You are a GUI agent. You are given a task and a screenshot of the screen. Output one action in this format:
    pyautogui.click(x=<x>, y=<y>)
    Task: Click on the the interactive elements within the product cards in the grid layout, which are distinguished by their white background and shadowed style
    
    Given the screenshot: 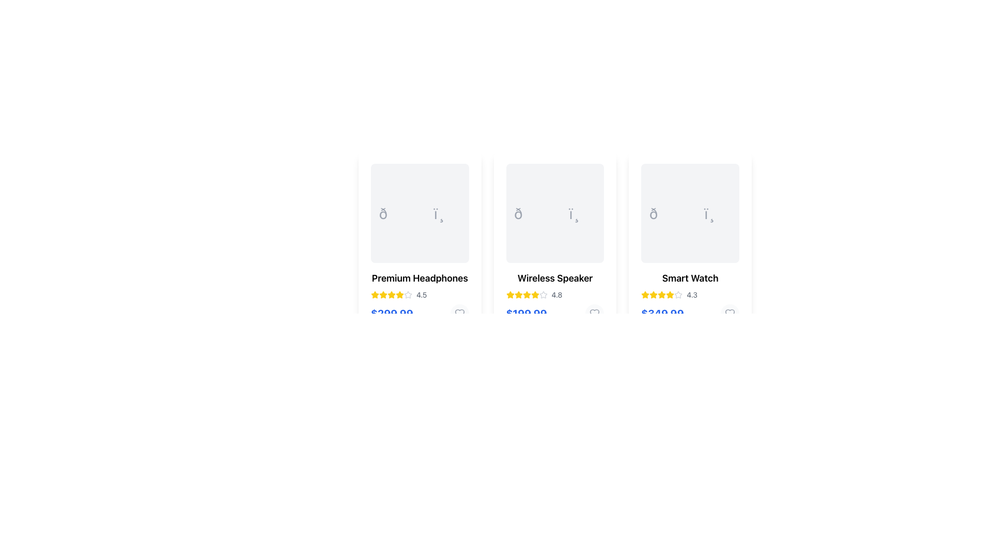 What is the action you would take?
    pyautogui.click(x=554, y=243)
    